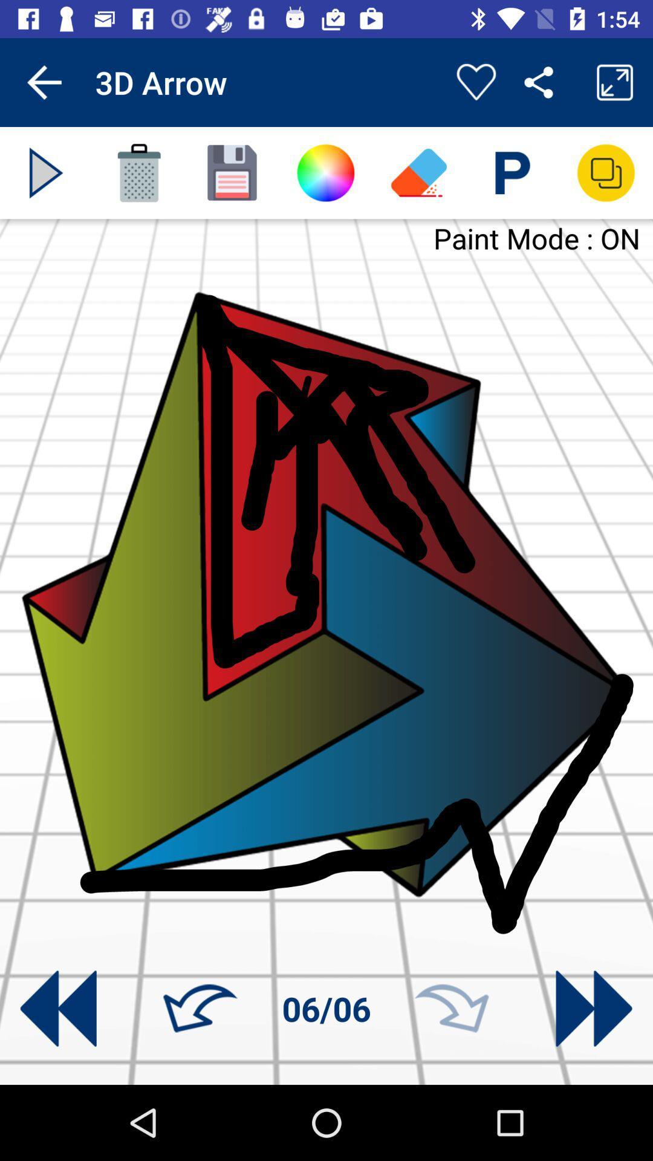  I want to click on the font icon, so click(138, 83).